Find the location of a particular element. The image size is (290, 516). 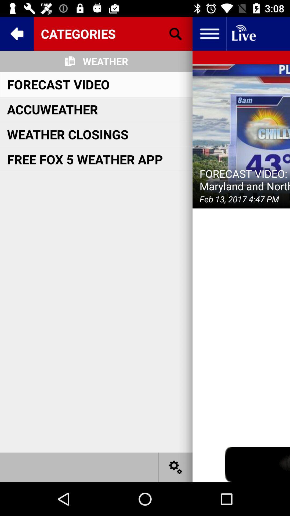

the button on the top right corner of the web page is located at coordinates (243, 33).